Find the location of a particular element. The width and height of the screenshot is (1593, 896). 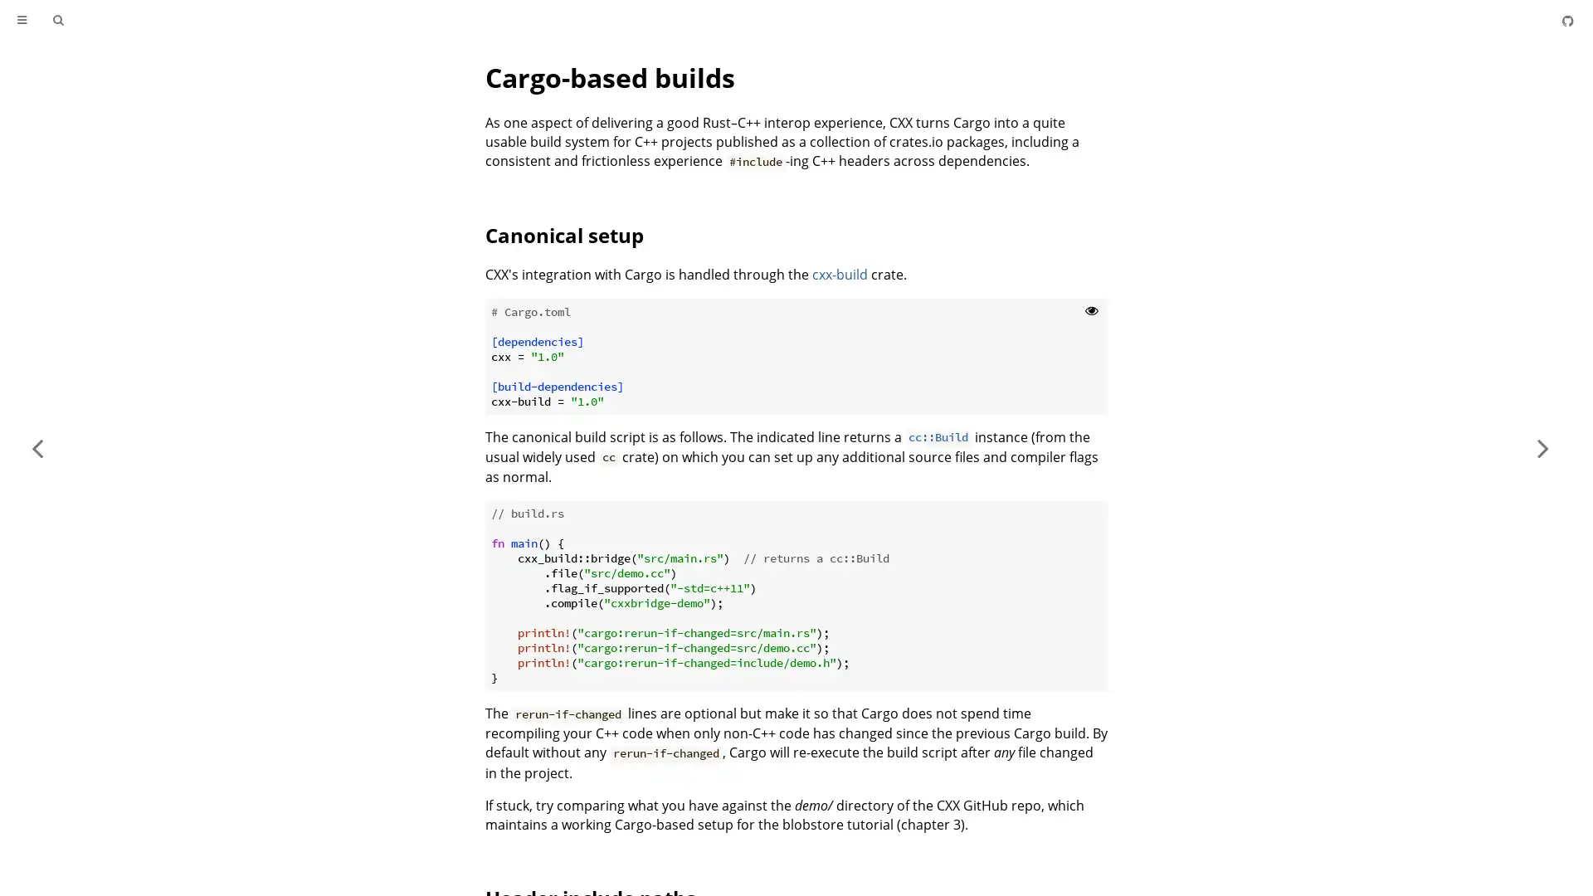

Show hidden lines is located at coordinates (1091, 309).